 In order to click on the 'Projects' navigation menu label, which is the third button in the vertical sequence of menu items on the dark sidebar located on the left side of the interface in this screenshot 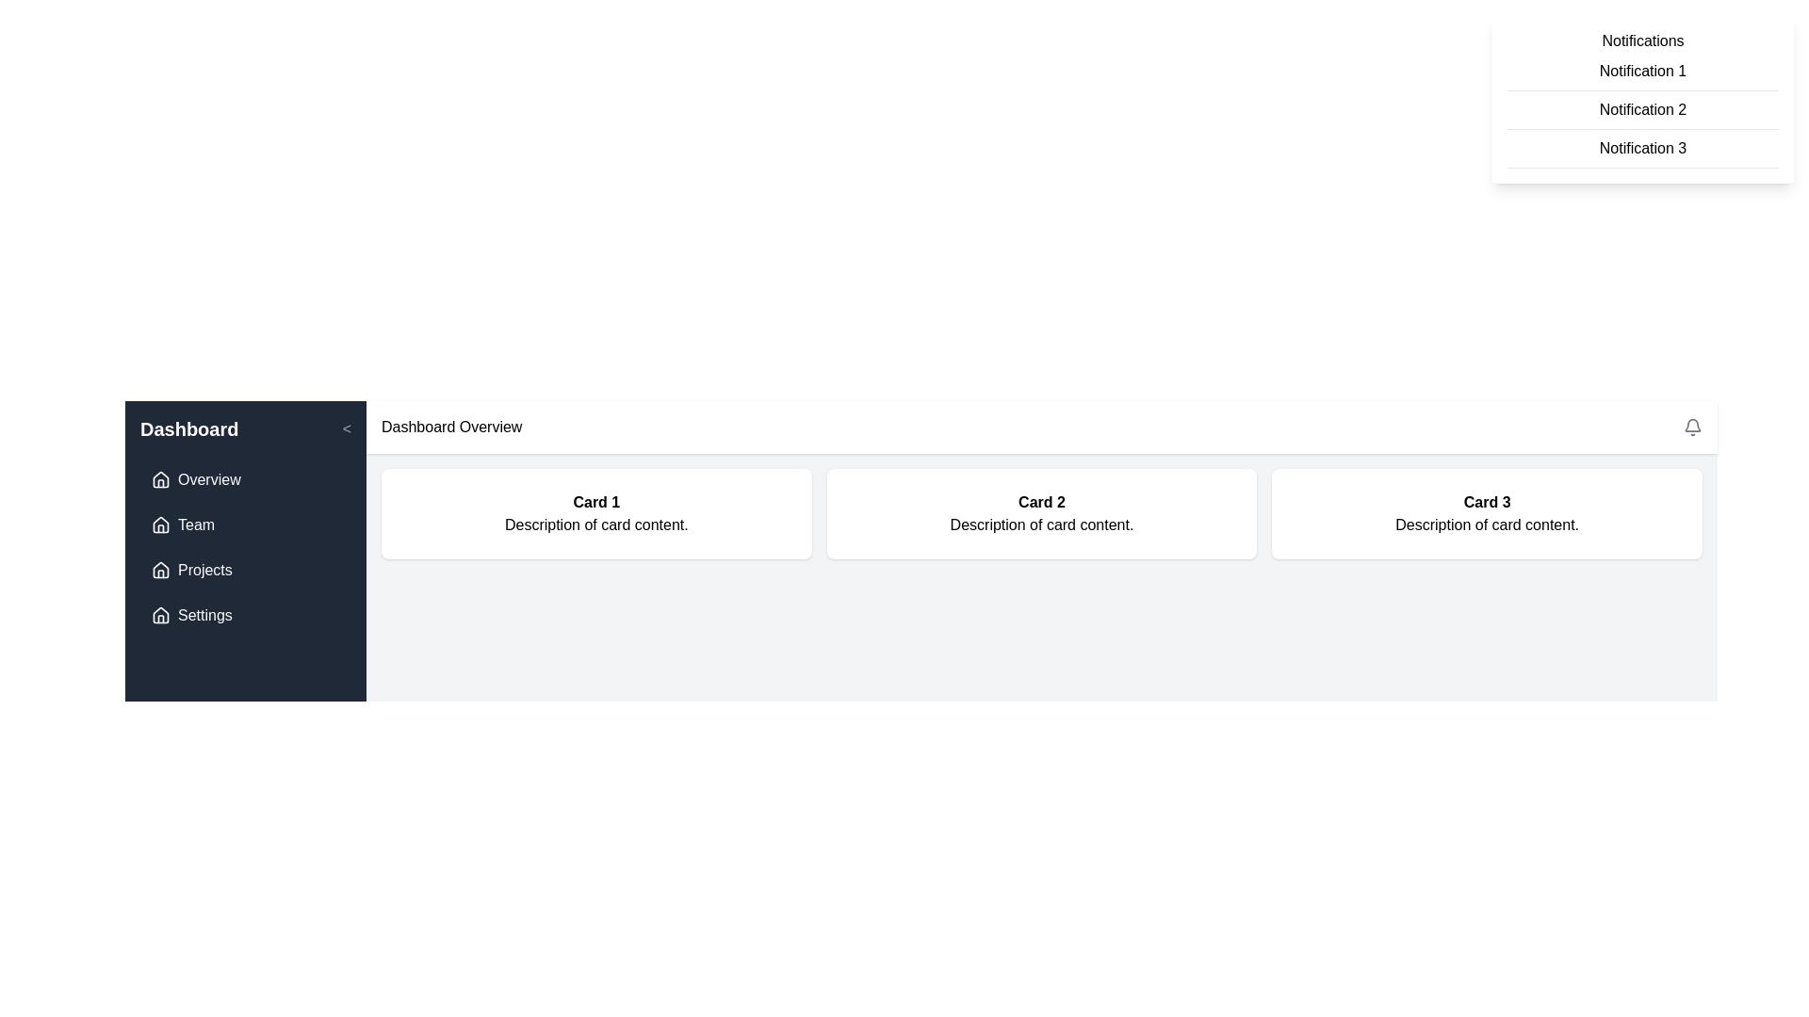, I will do `click(204, 569)`.